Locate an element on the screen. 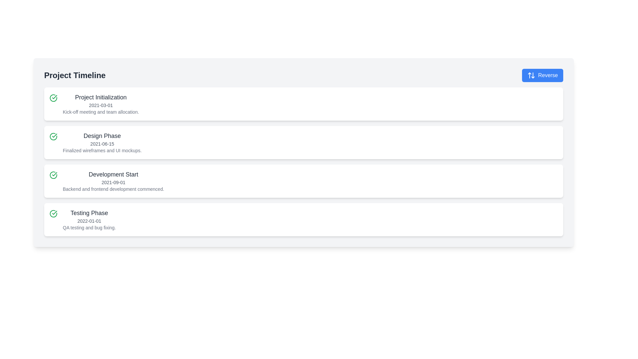 Image resolution: width=638 pixels, height=359 pixels. the text label displaying '2022-01-01', which is styled with a small font size and gray color, positioned below 'Testing Phase' and above the description 'QA testing and bug fixing.' is located at coordinates (89, 221).